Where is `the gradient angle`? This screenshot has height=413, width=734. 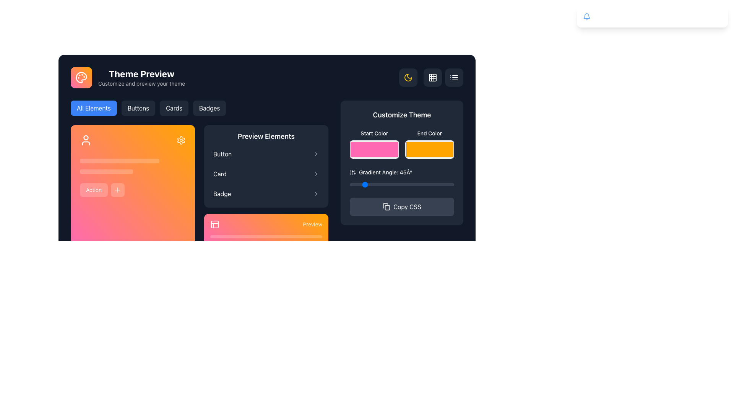 the gradient angle is located at coordinates (353, 184).